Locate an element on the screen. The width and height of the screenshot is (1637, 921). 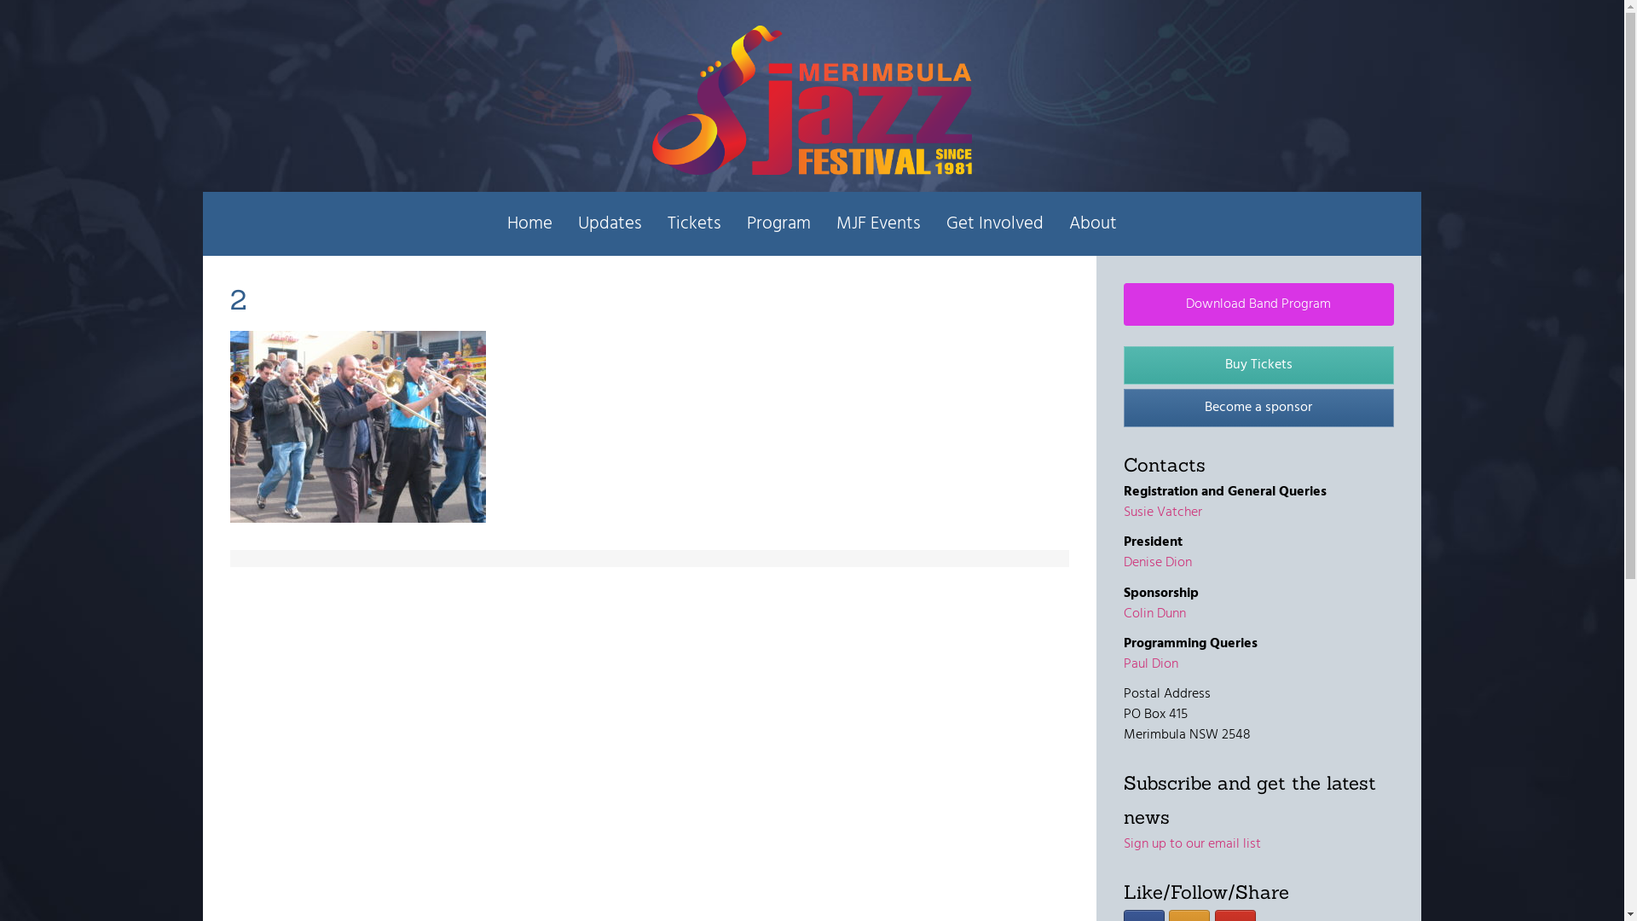
'Tickets' is located at coordinates (694, 223).